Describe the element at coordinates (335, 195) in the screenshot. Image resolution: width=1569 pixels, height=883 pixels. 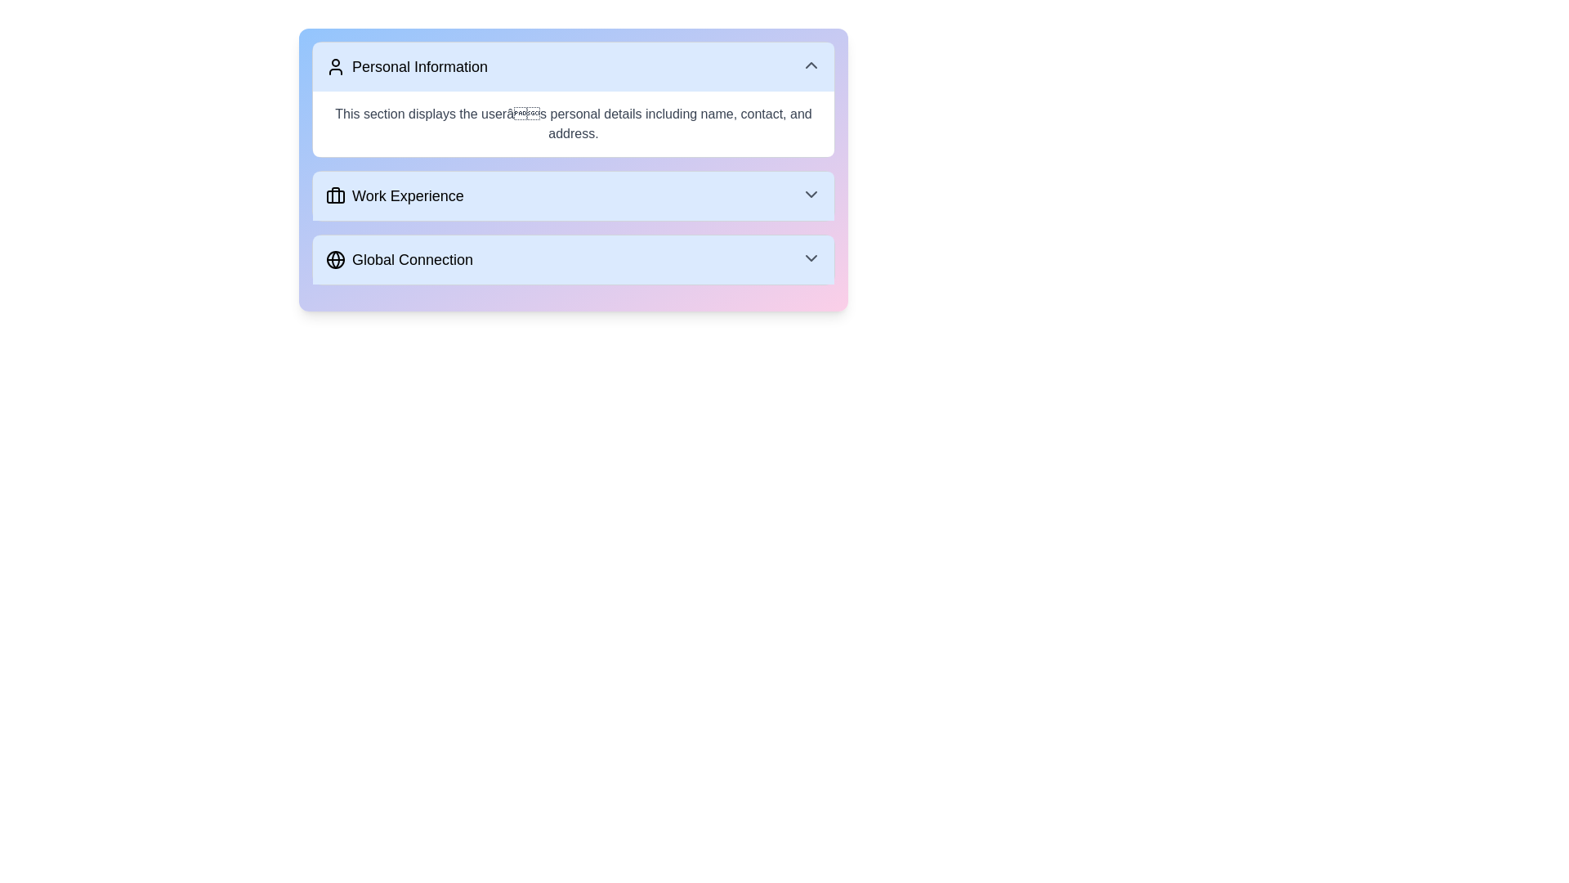
I see `the left vertical side of the briefcase icon in the 'Work Experience' section` at that location.